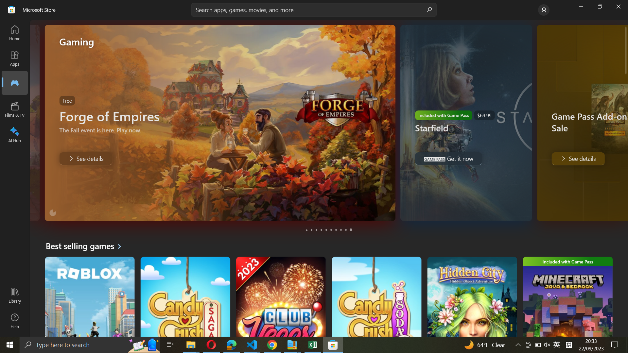  What do you see at coordinates (14, 321) in the screenshot?
I see `the Help menu` at bounding box center [14, 321].